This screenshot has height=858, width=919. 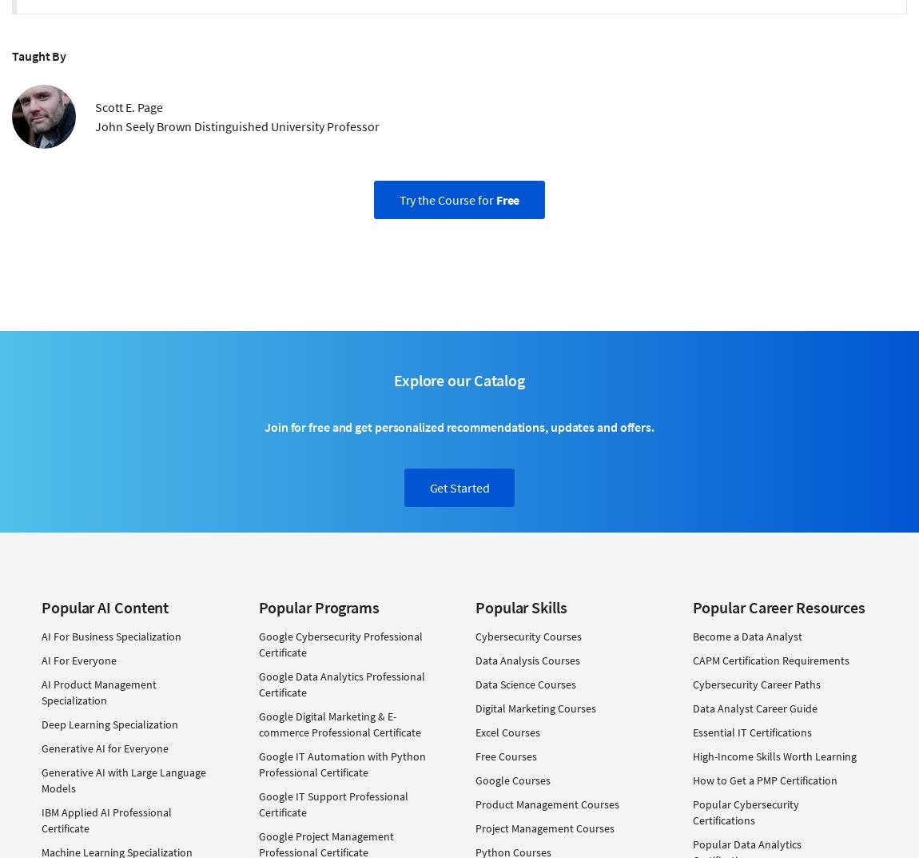 I want to click on 'Get Started', so click(x=459, y=486).